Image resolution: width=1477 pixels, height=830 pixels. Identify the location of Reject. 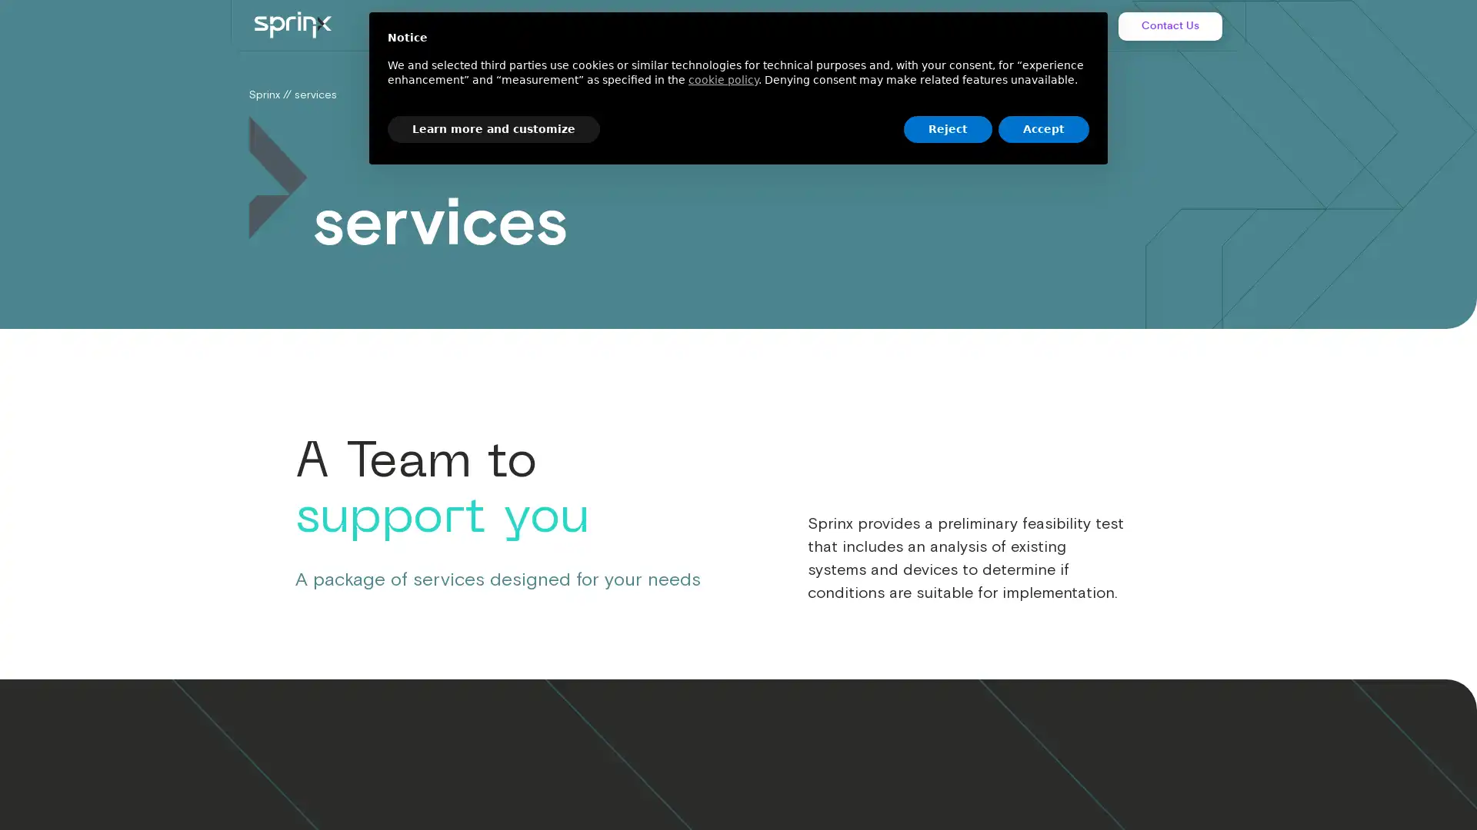
(947, 128).